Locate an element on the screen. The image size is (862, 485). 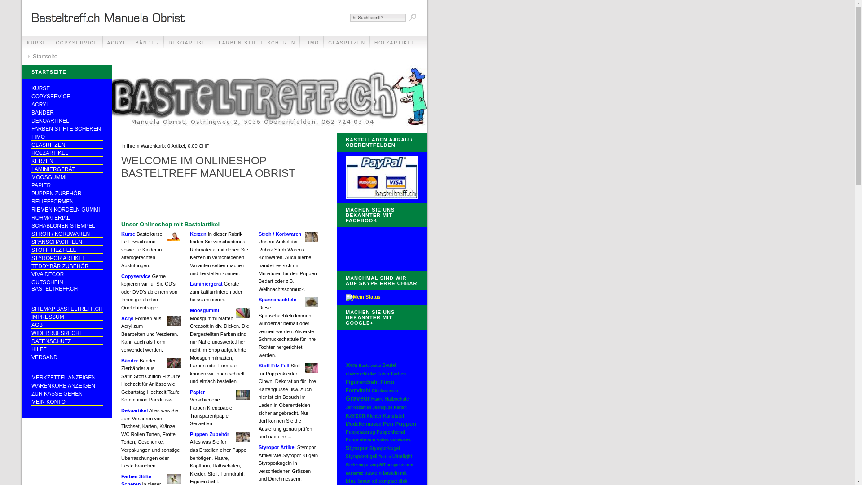
'Startseite' is located at coordinates (42, 57).